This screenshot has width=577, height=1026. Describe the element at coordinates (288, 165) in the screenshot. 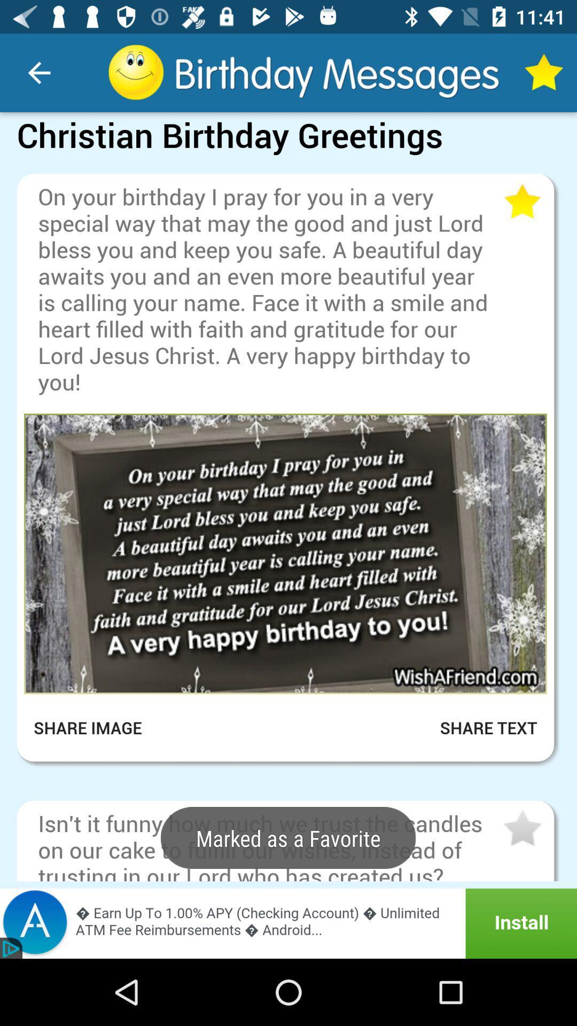

I see `the item below christian birthday greetings item` at that location.